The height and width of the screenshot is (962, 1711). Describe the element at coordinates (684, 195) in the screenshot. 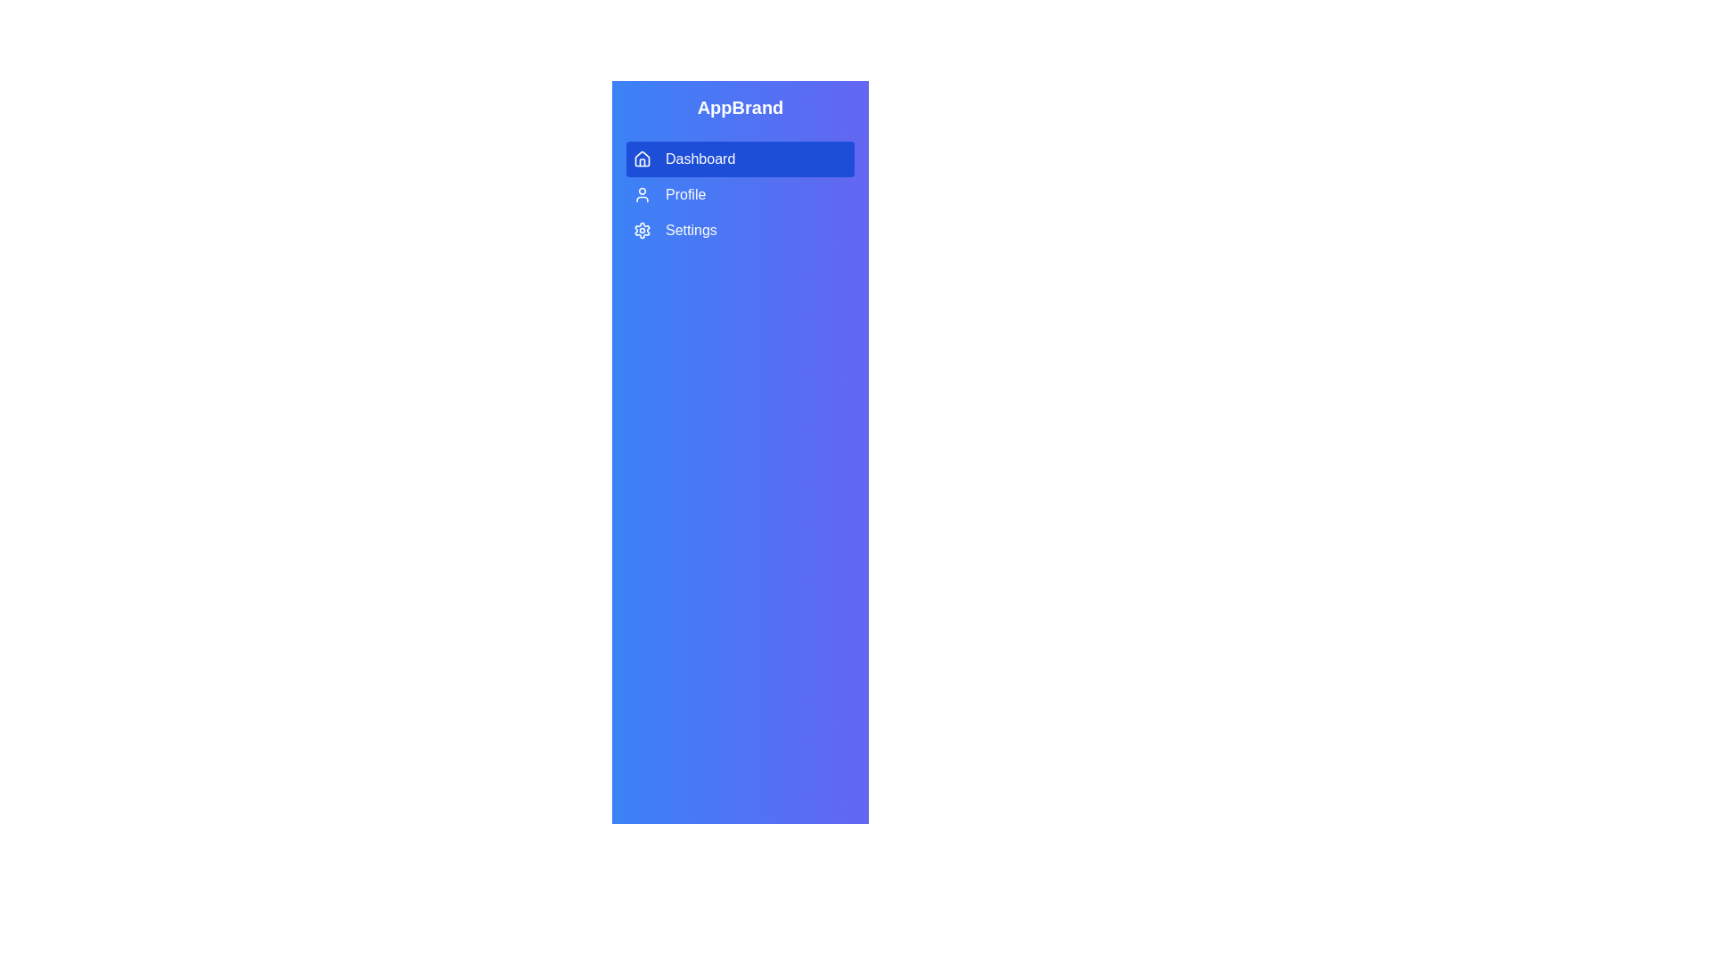

I see `the second item in the vertical navigation menu, which is a Text label adjacent to a user figure icon` at that location.